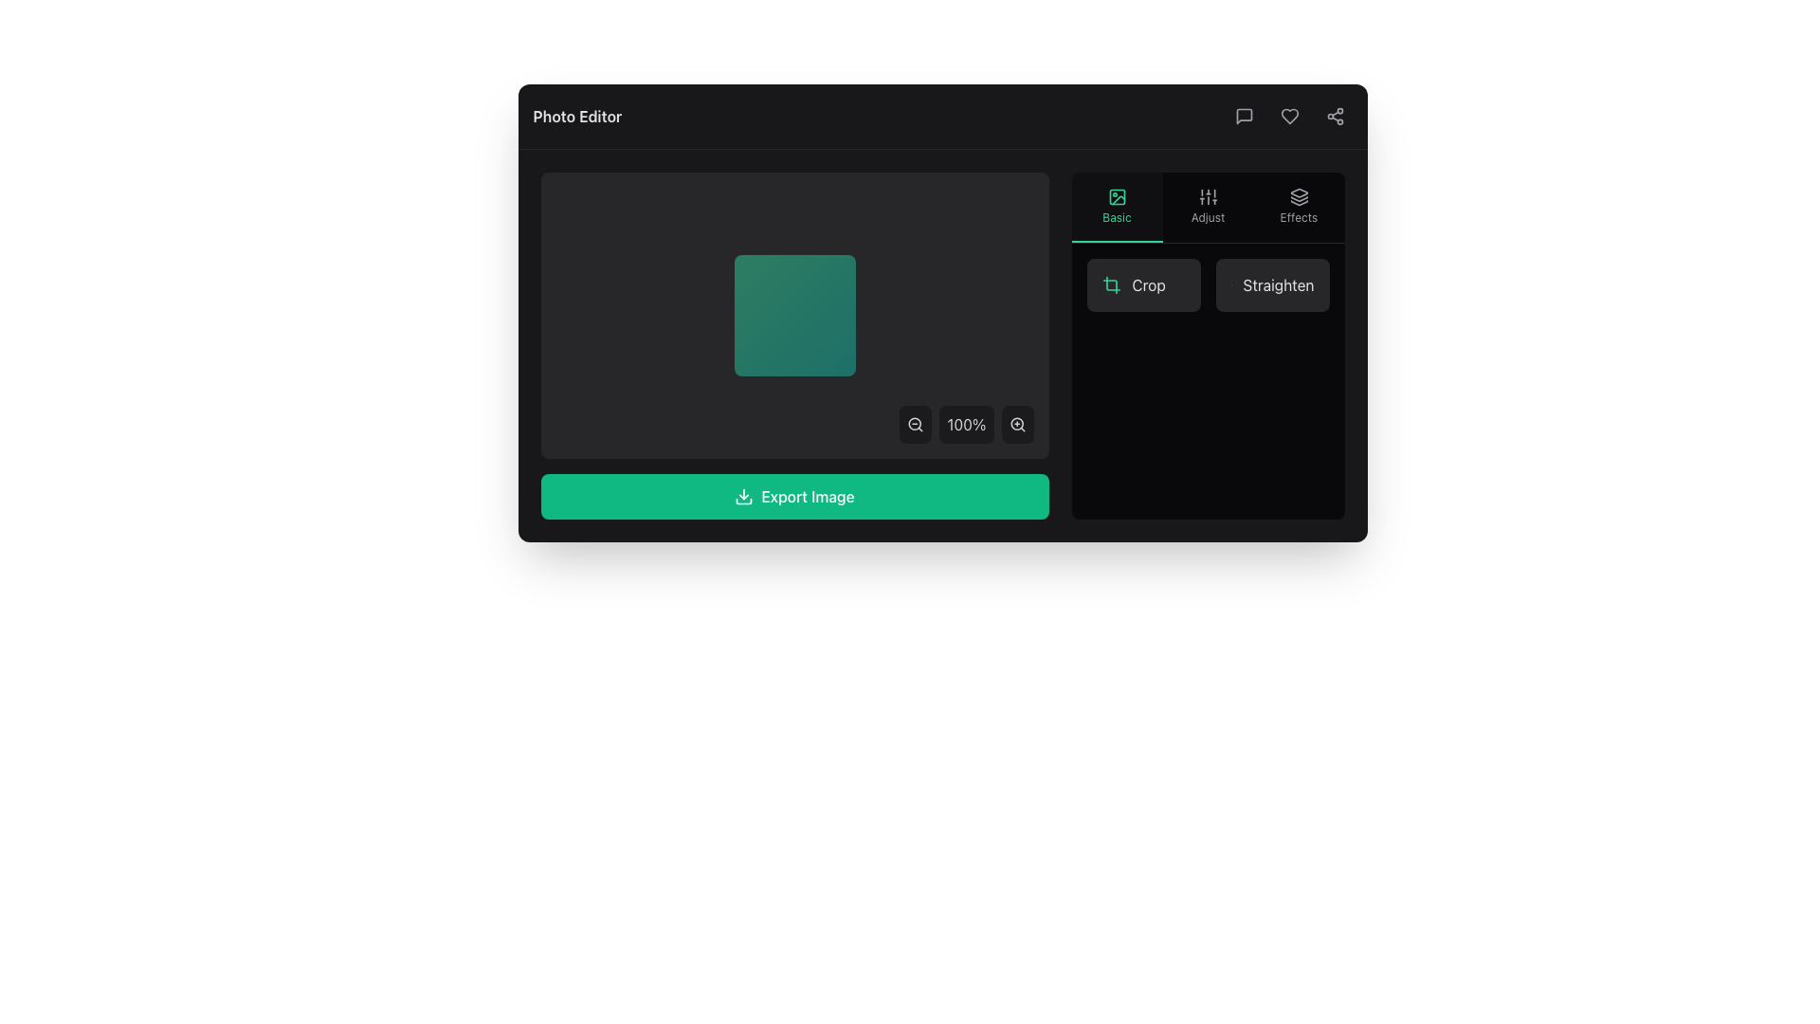 The width and height of the screenshot is (1820, 1024). What do you see at coordinates (1111, 284) in the screenshot?
I see `the green crop tool icon located in the rightmost panel, which is part of the 'Crop' button` at bounding box center [1111, 284].